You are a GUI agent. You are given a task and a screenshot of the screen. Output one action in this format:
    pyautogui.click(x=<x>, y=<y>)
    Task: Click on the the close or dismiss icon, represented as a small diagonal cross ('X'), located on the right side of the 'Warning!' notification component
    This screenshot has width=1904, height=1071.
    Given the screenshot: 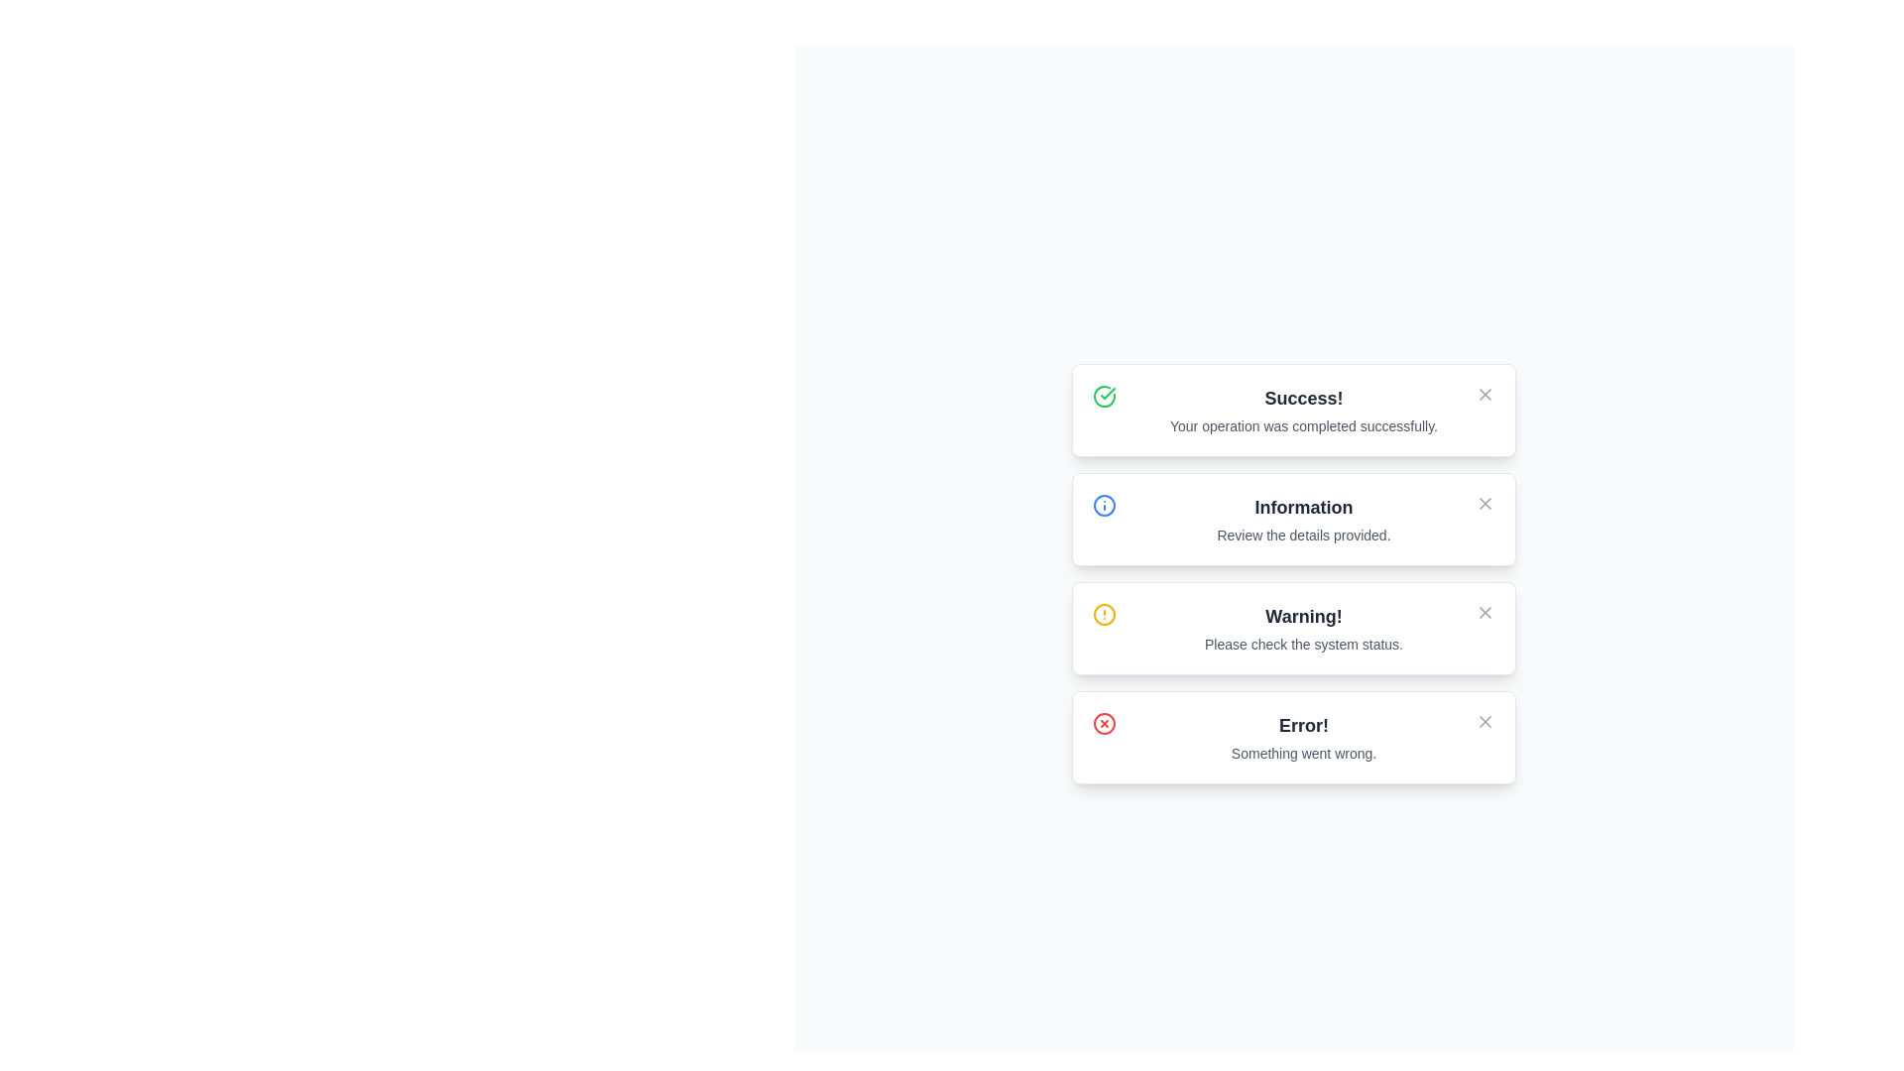 What is the action you would take?
    pyautogui.click(x=1485, y=611)
    